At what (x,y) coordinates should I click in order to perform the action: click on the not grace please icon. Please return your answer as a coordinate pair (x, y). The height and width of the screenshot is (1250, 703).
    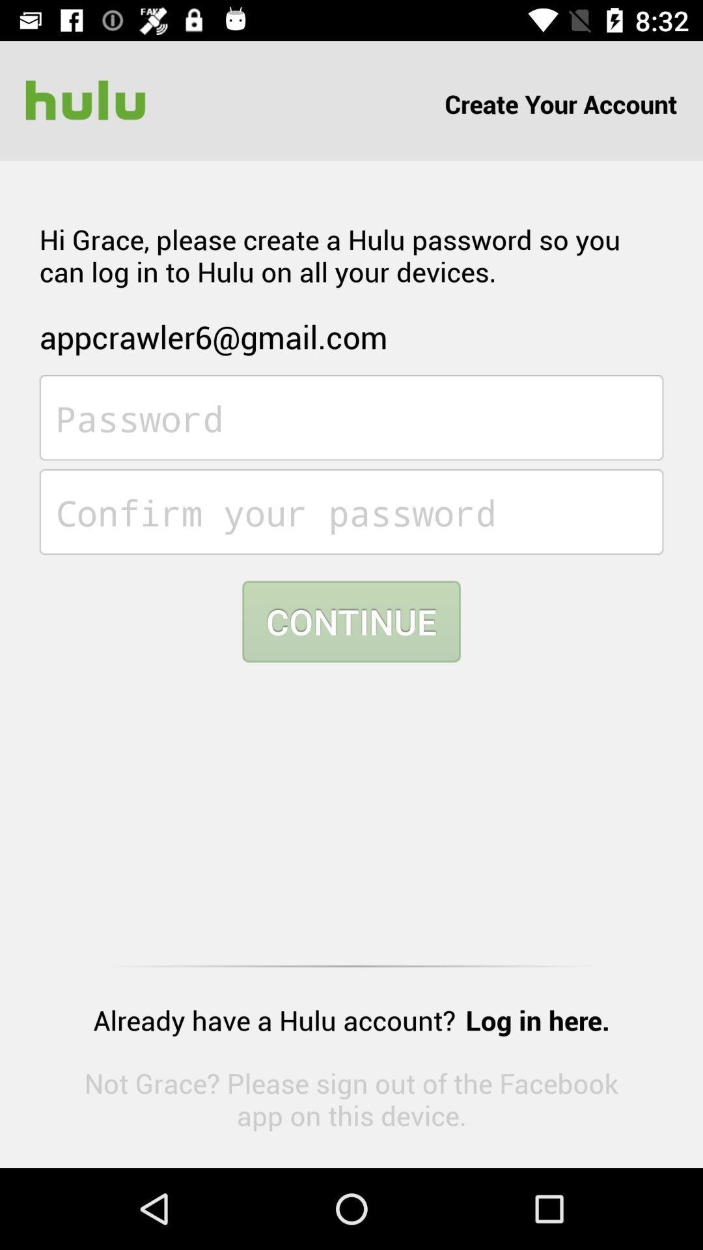
    Looking at the image, I should click on (351, 1098).